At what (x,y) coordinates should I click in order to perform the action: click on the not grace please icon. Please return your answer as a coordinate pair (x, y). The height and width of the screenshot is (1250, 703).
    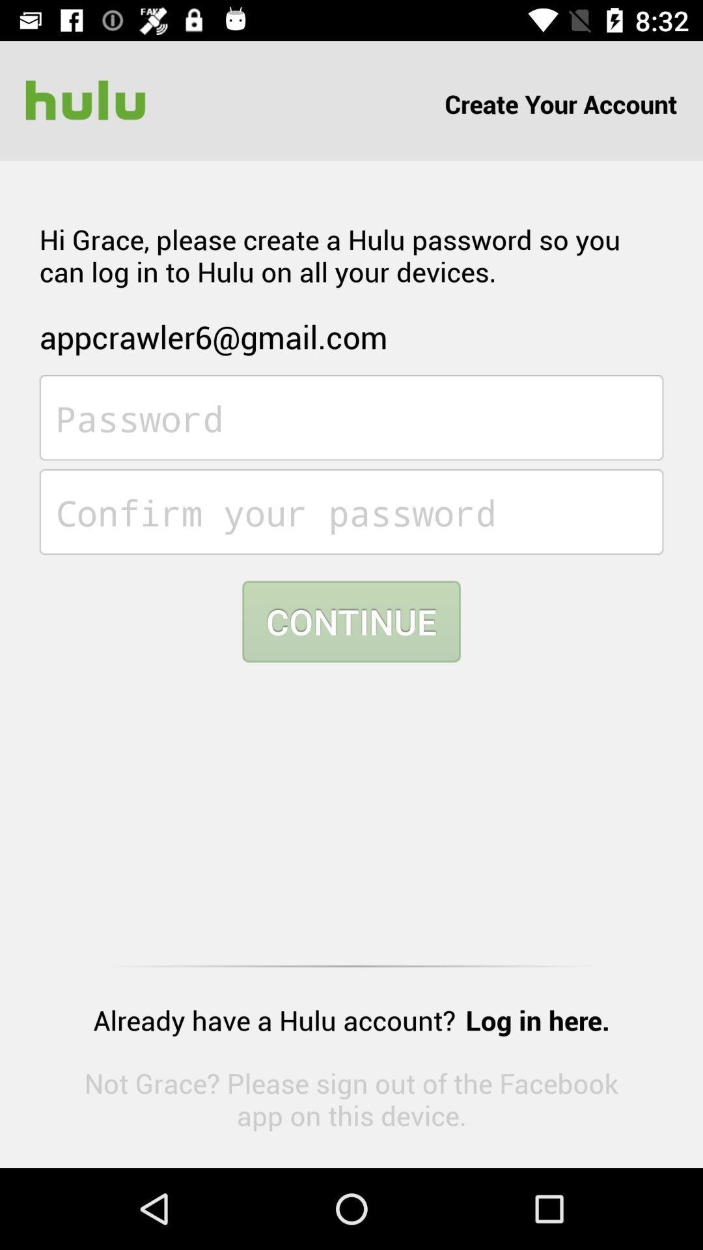
    Looking at the image, I should click on (351, 1098).